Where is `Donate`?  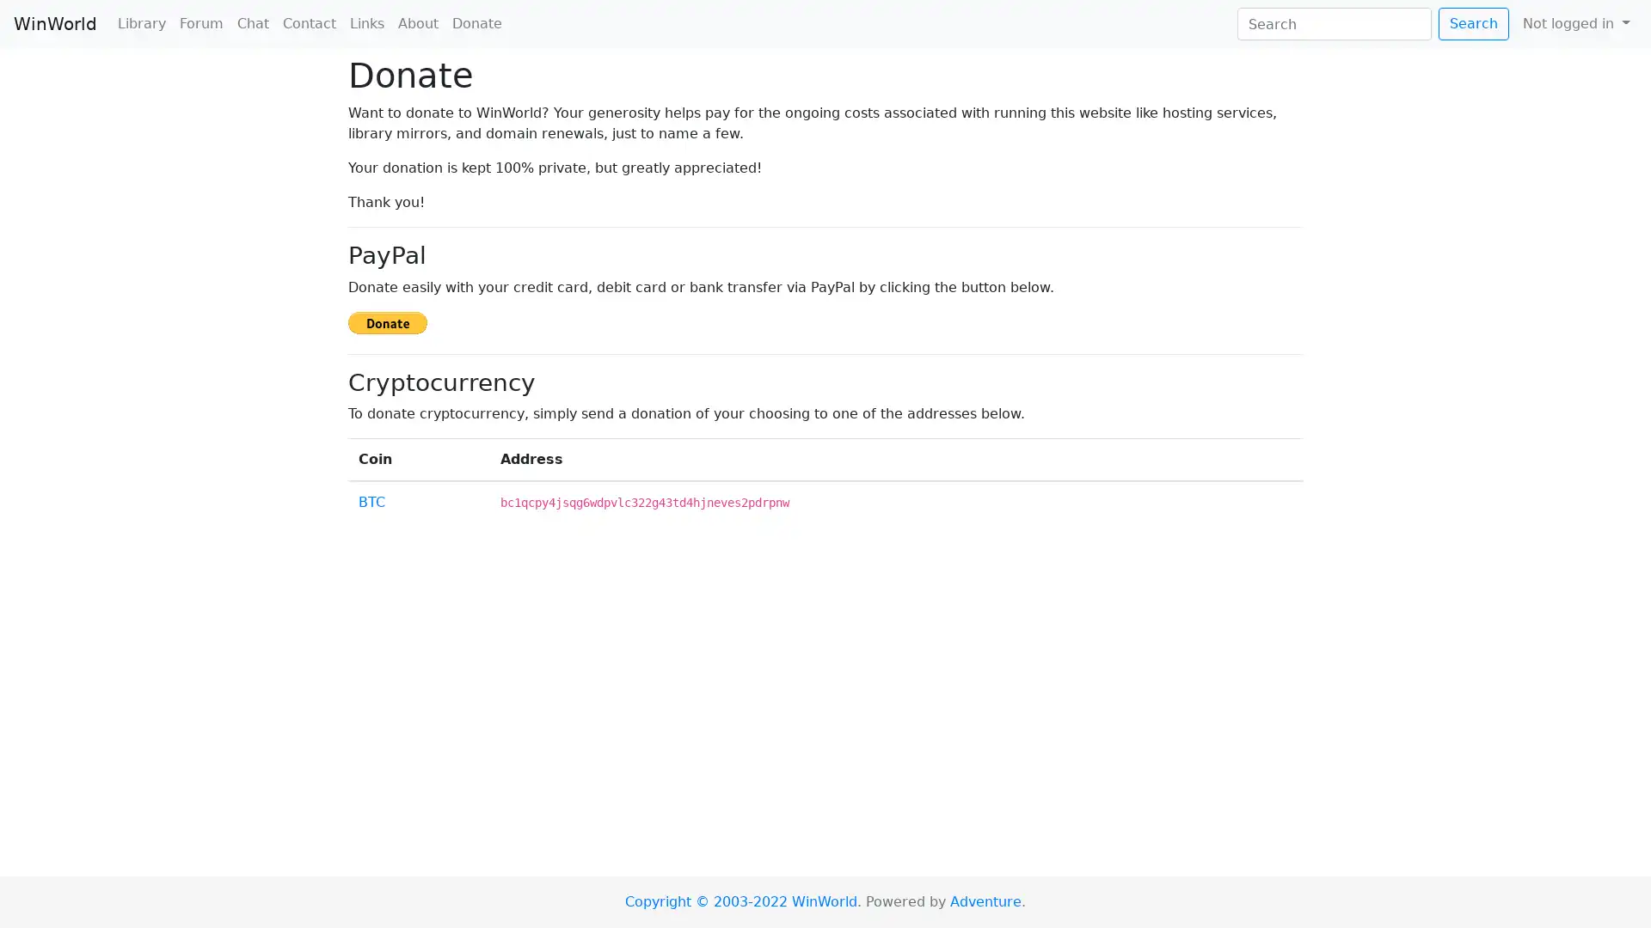
Donate is located at coordinates (387, 321).